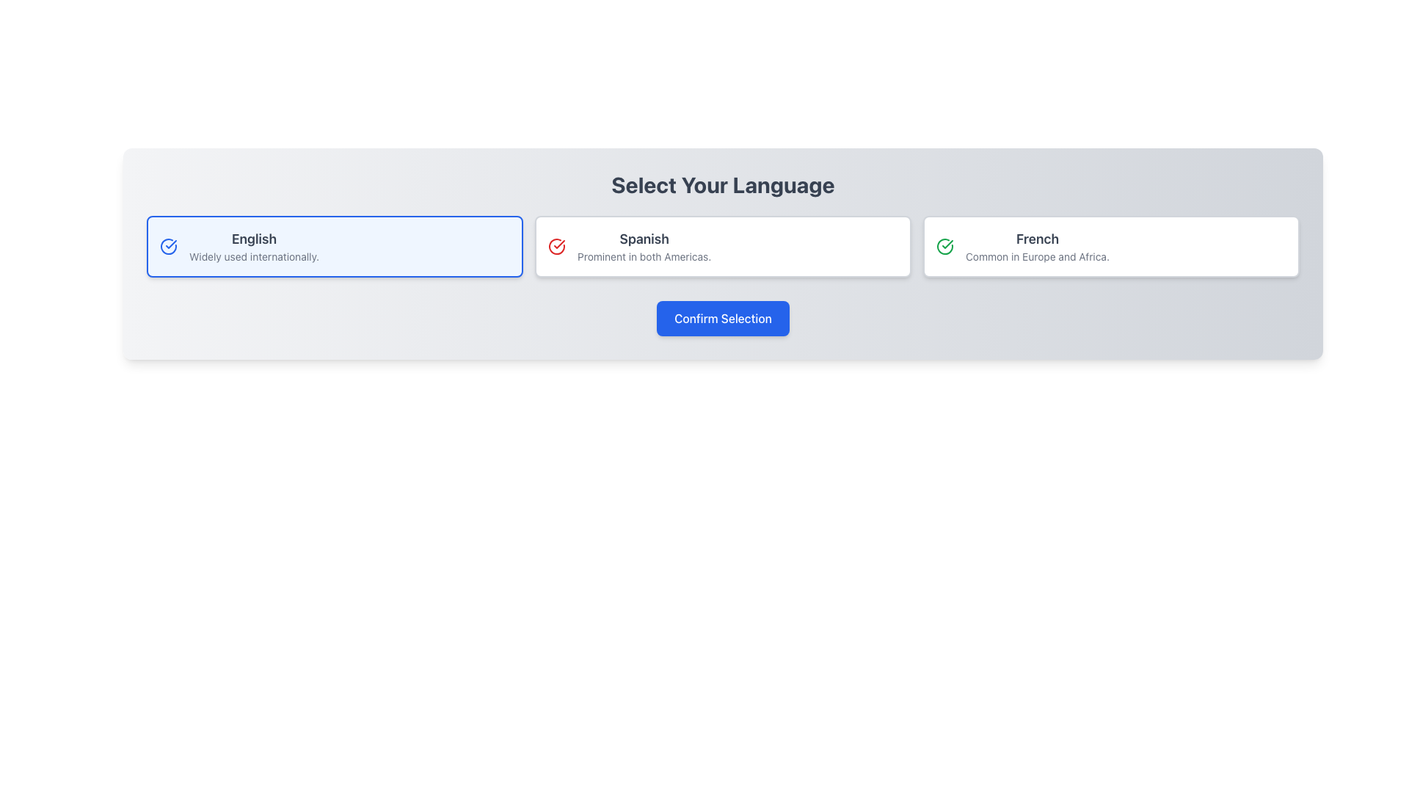 This screenshot has height=793, width=1409. What do you see at coordinates (944, 245) in the screenshot?
I see `the checkmark icon indicating the selection of the 'French' language option` at bounding box center [944, 245].